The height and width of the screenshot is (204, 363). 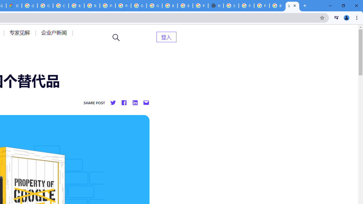 What do you see at coordinates (154, 6) in the screenshot?
I see `'Google Cloud Platform'` at bounding box center [154, 6].